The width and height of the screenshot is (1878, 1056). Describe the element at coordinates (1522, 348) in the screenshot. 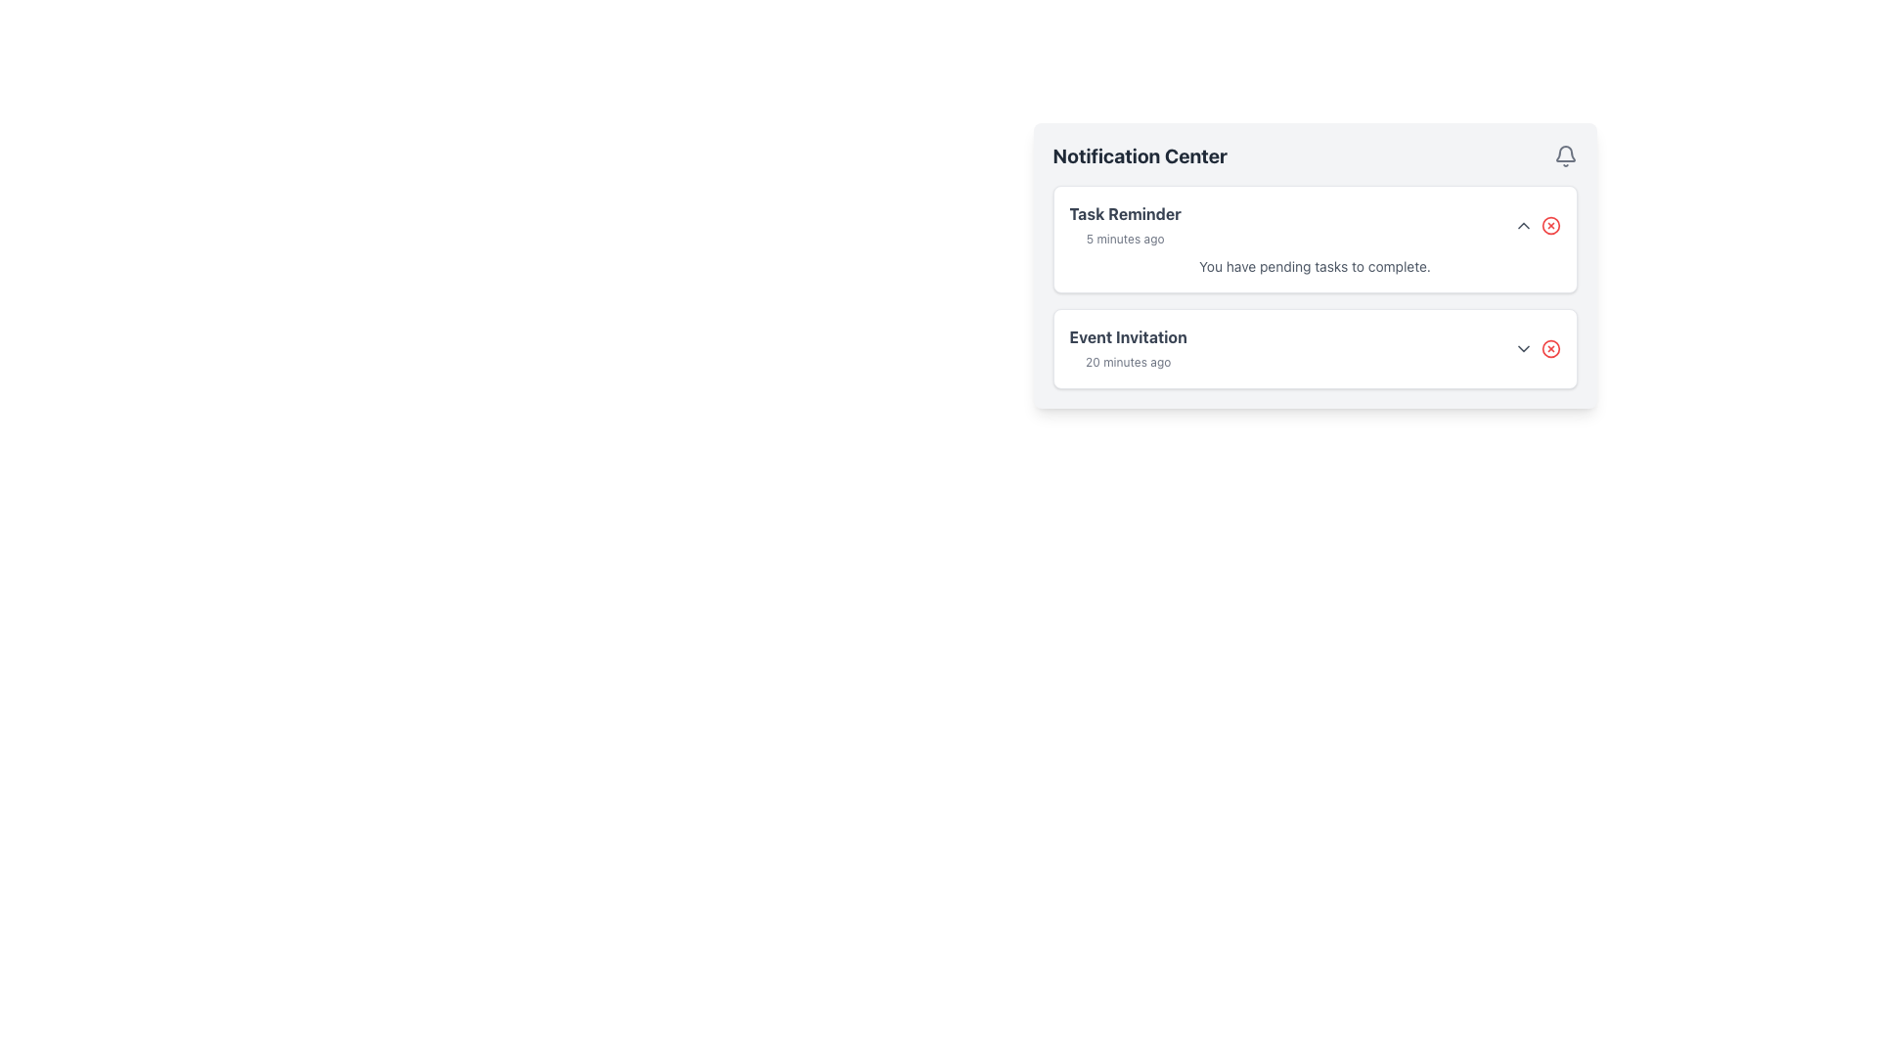

I see `the downward arrow icon button located to the right of the 'Event Invitation' text` at that location.